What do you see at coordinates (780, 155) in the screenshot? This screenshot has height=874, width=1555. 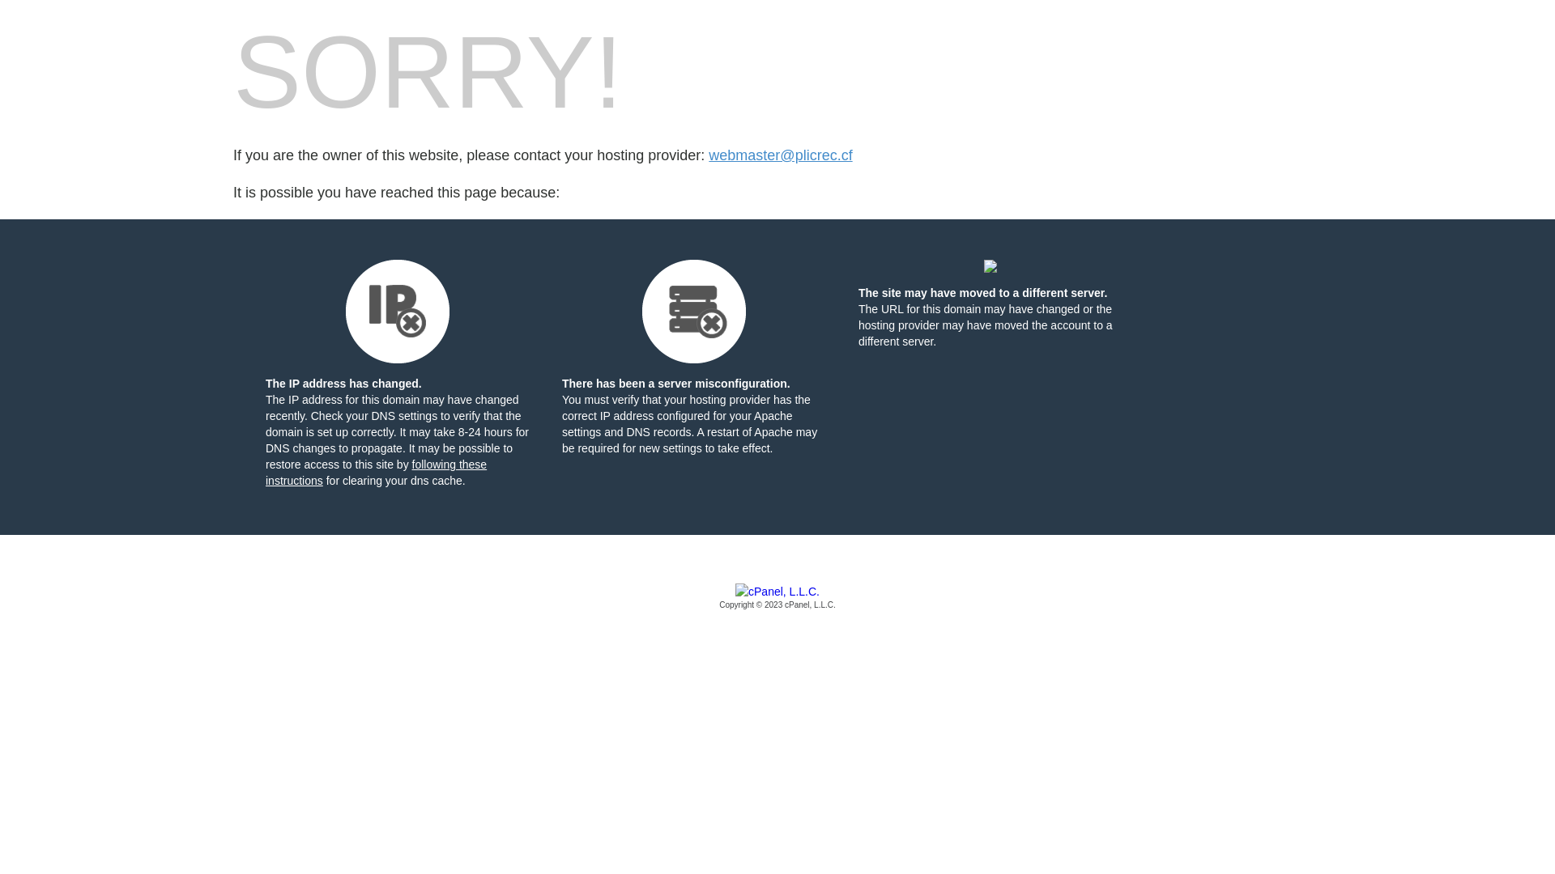 I see `'webmaster@plicrec.cf'` at bounding box center [780, 155].